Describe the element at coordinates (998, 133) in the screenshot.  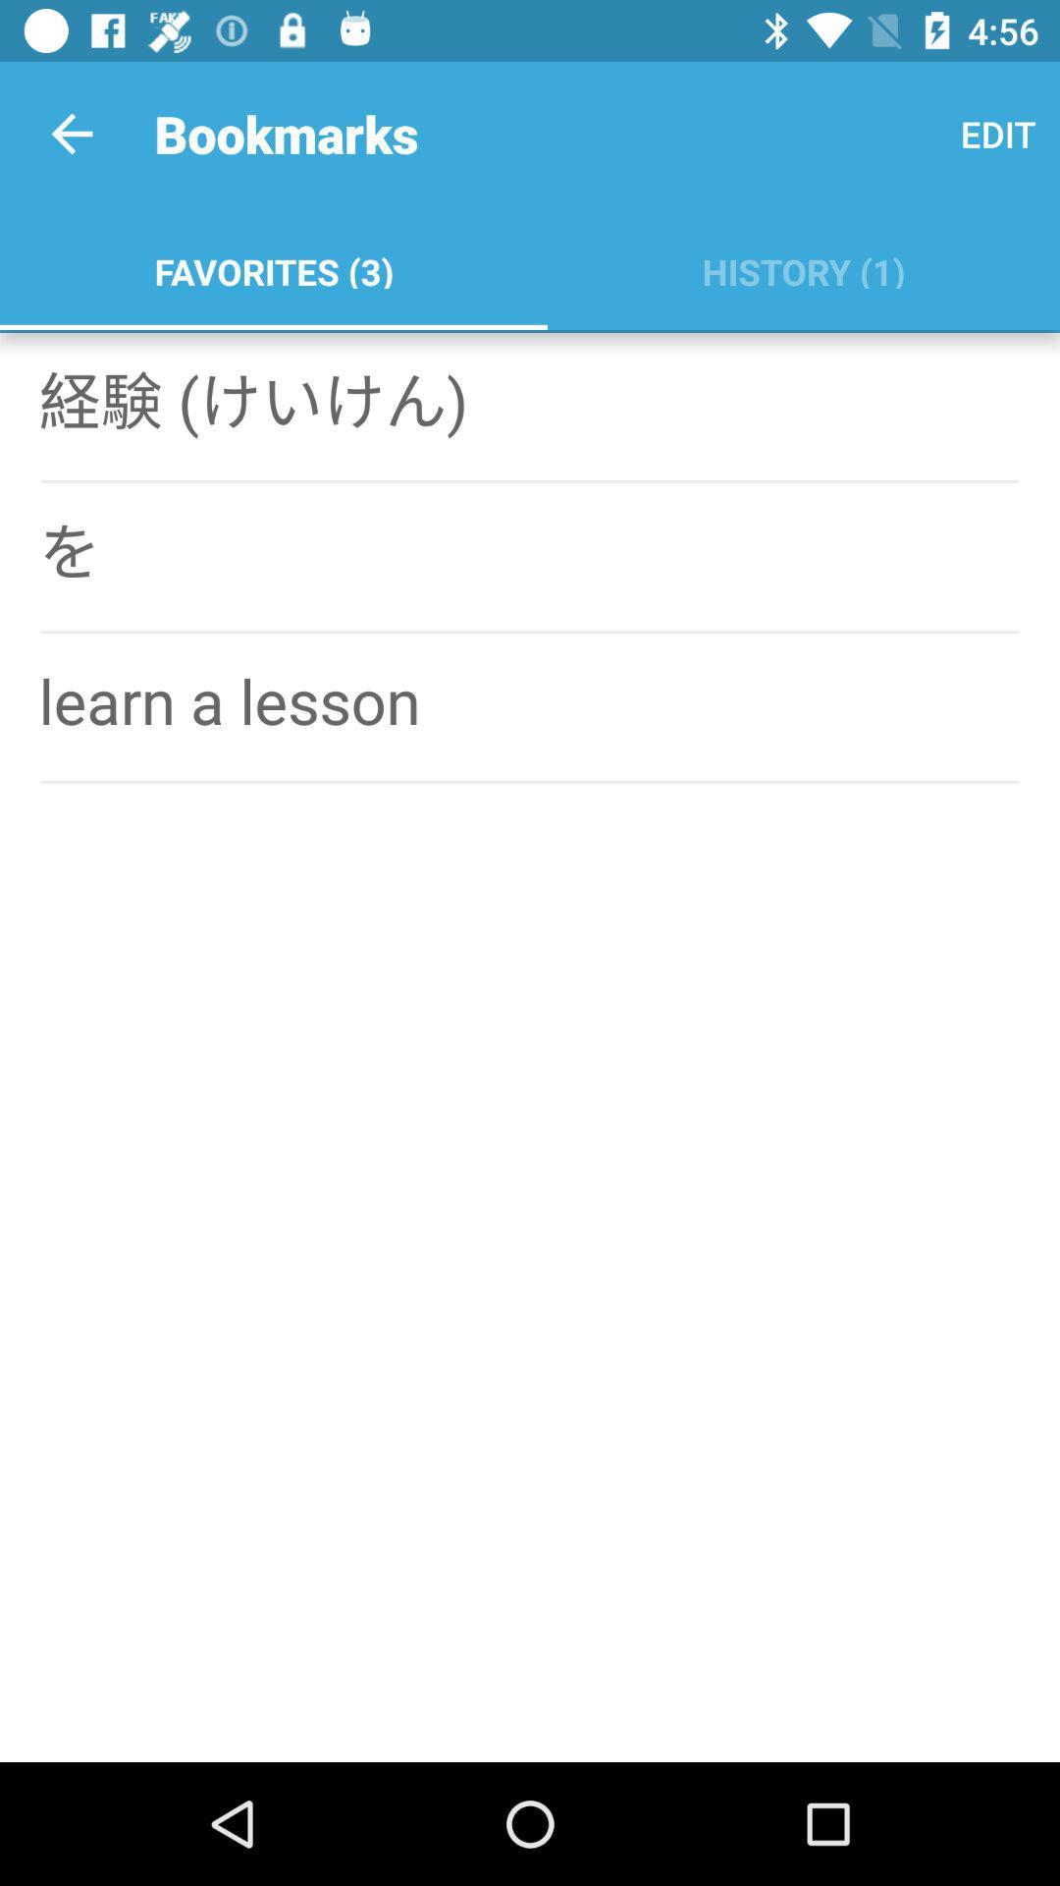
I see `the app to the right of the favorites (3)` at that location.